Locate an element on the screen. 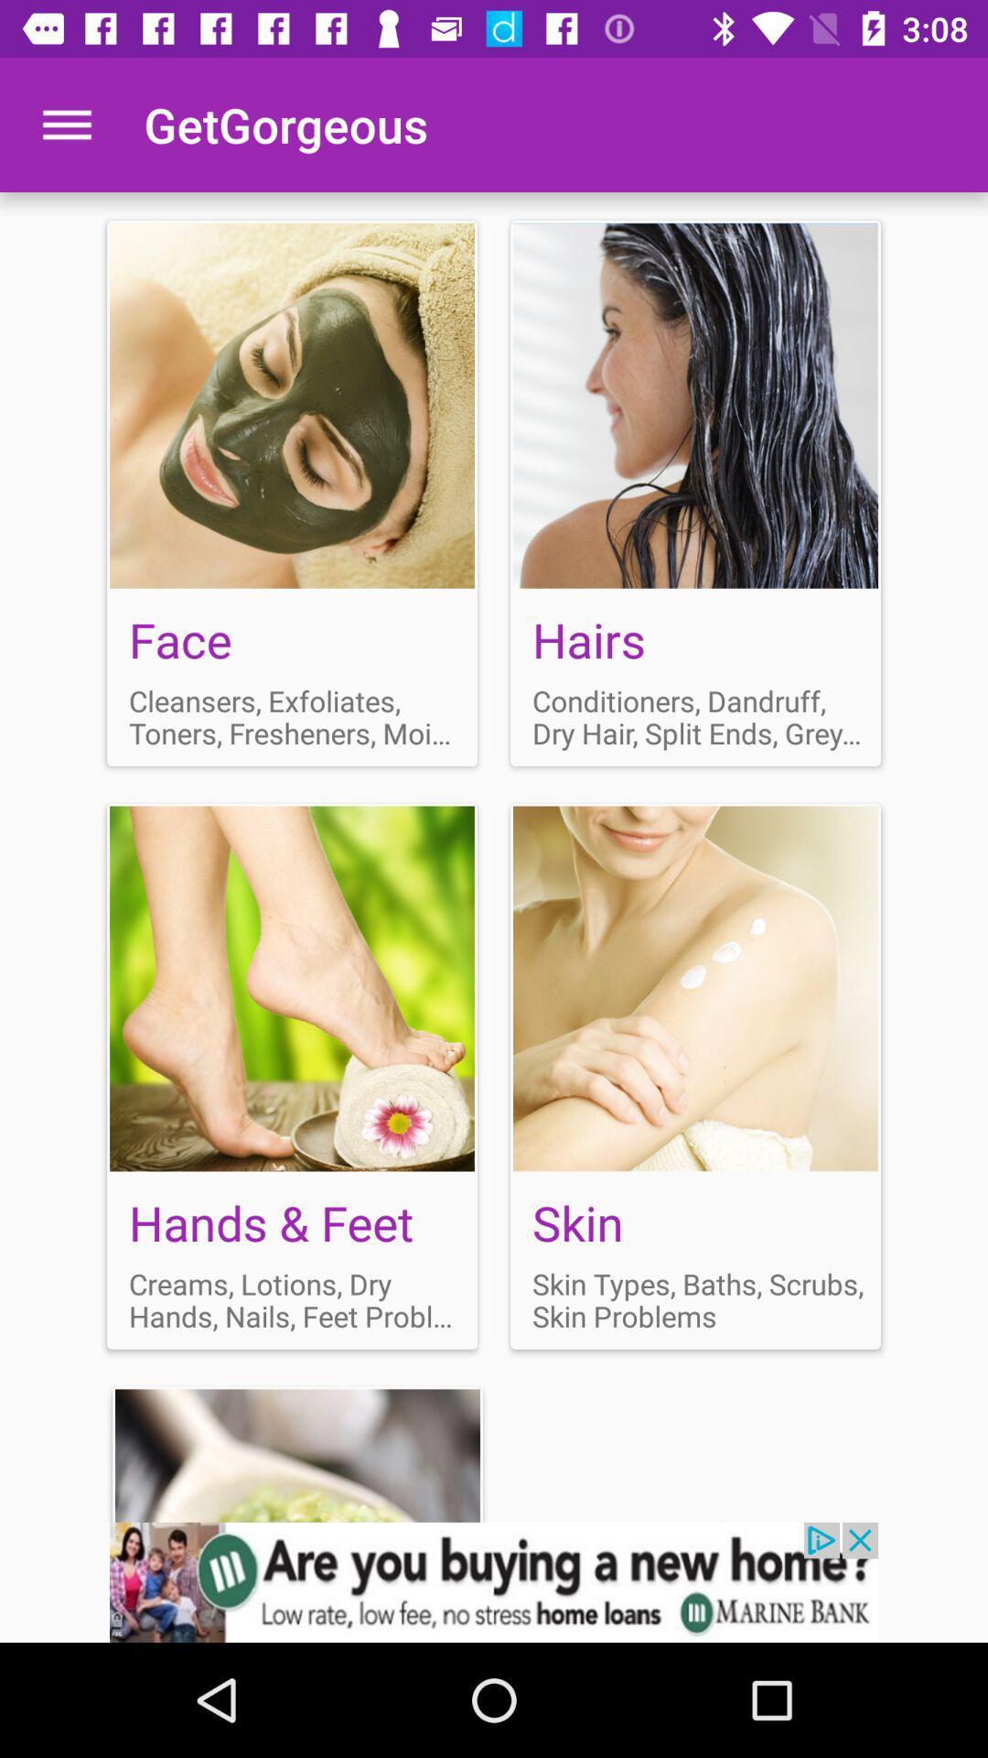 This screenshot has height=1758, width=988. advertisement is located at coordinates (494, 1581).